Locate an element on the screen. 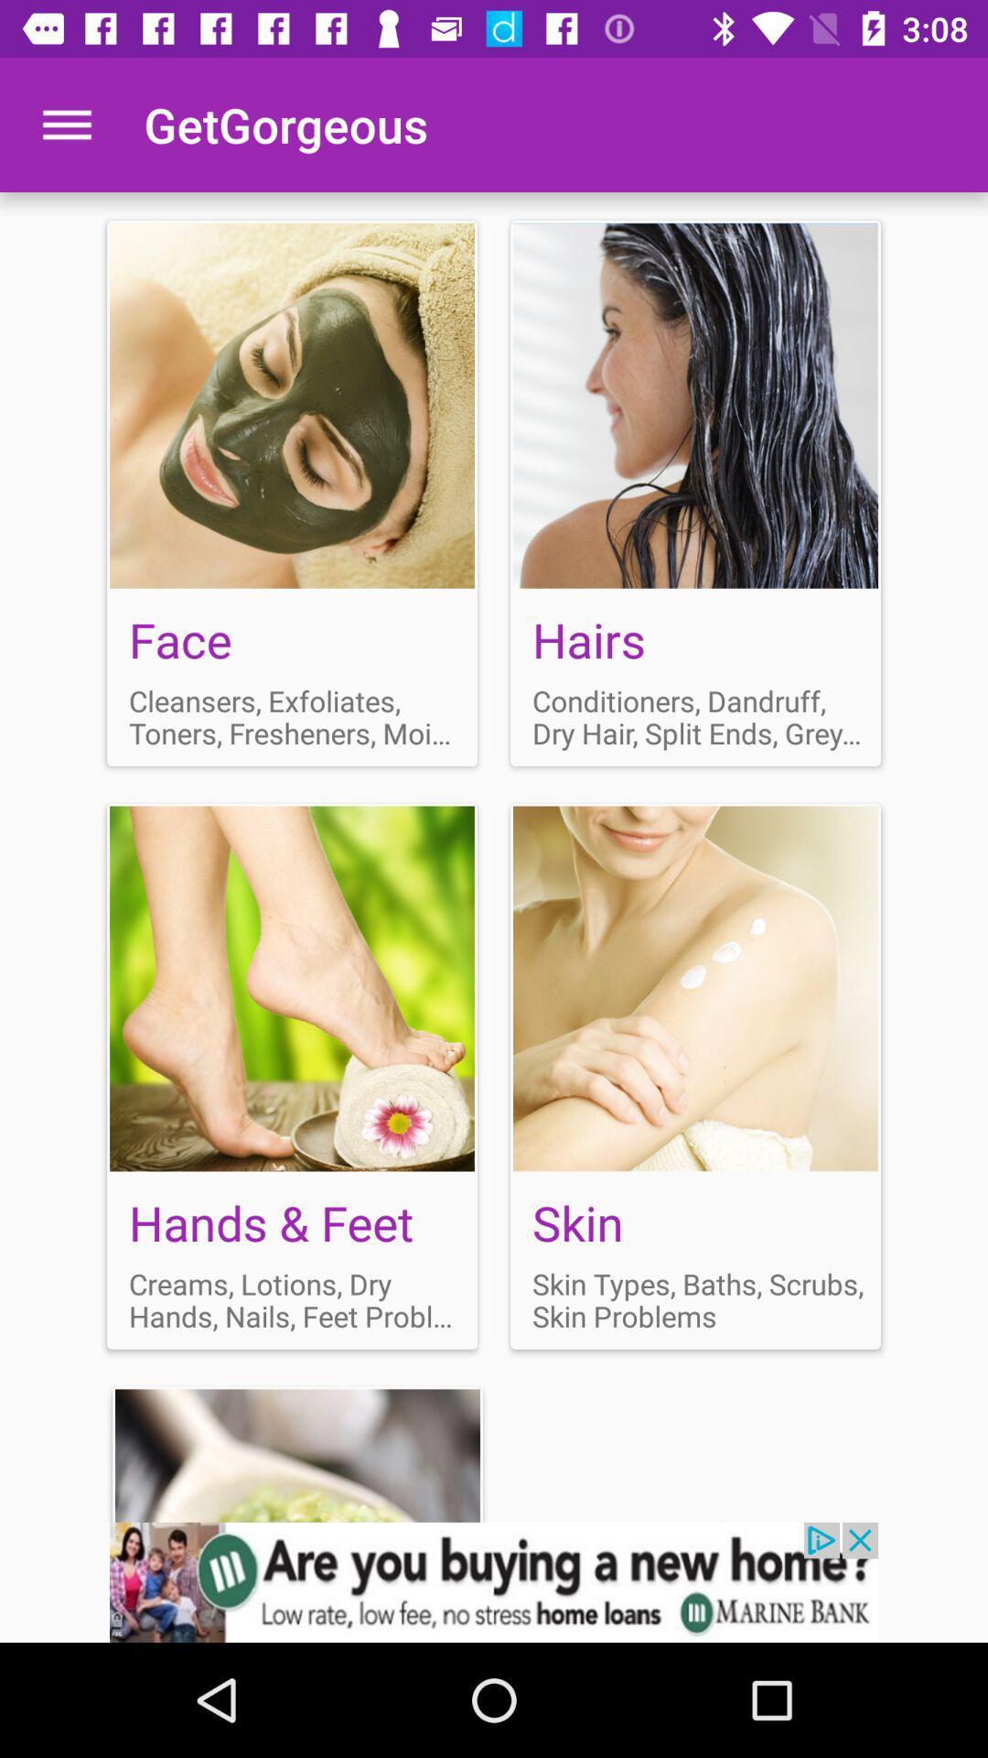 This screenshot has height=1758, width=988. advertisement is located at coordinates (494, 1581).